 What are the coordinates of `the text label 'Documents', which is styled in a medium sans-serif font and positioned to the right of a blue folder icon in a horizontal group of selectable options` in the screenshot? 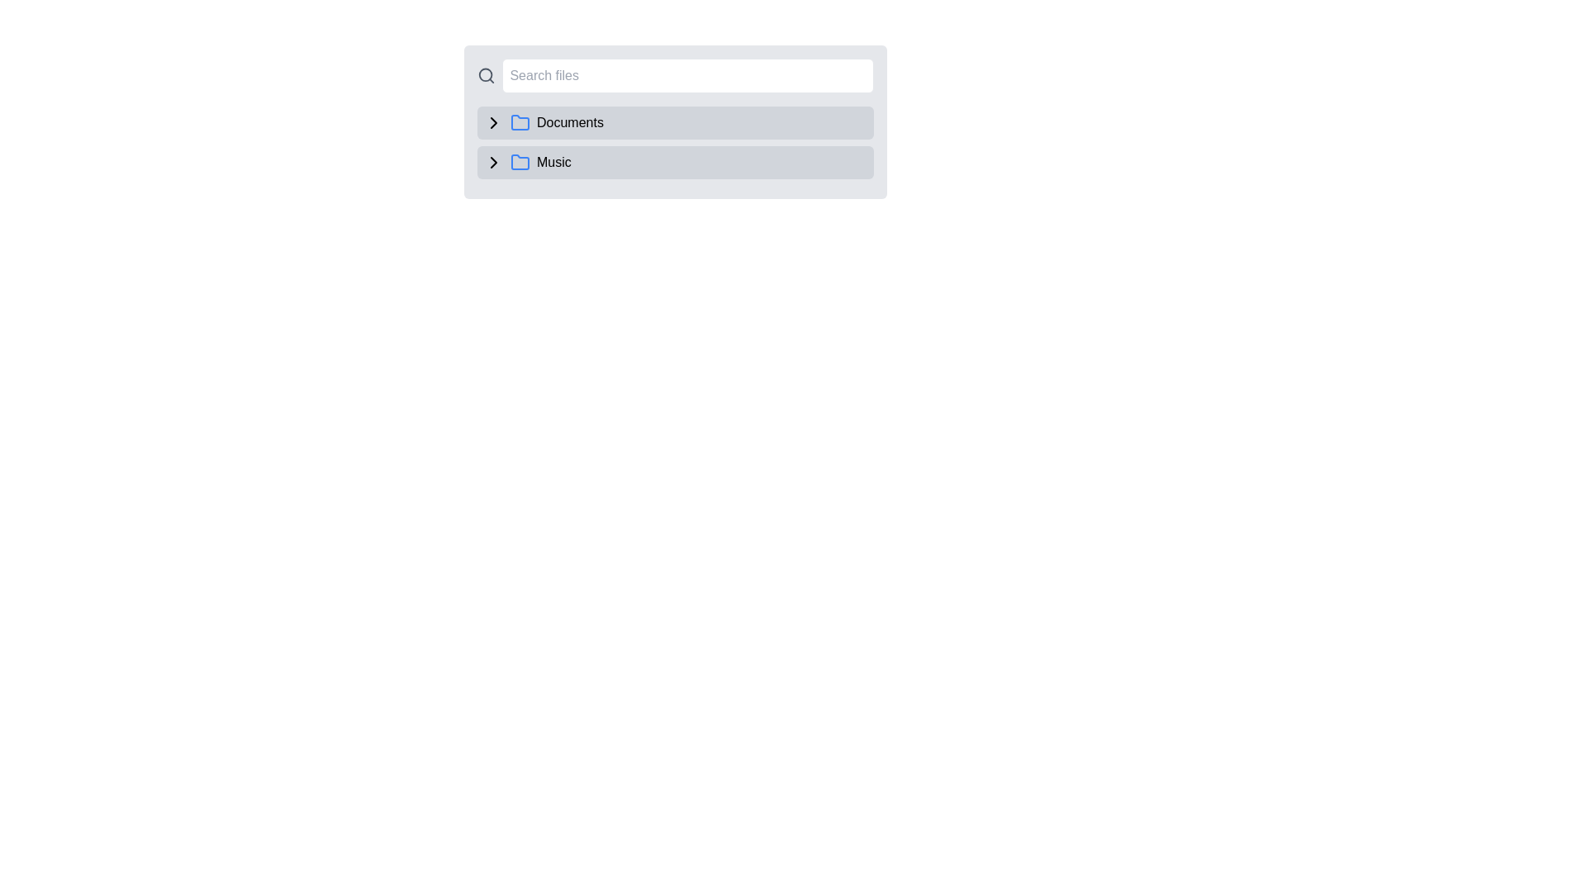 It's located at (570, 122).